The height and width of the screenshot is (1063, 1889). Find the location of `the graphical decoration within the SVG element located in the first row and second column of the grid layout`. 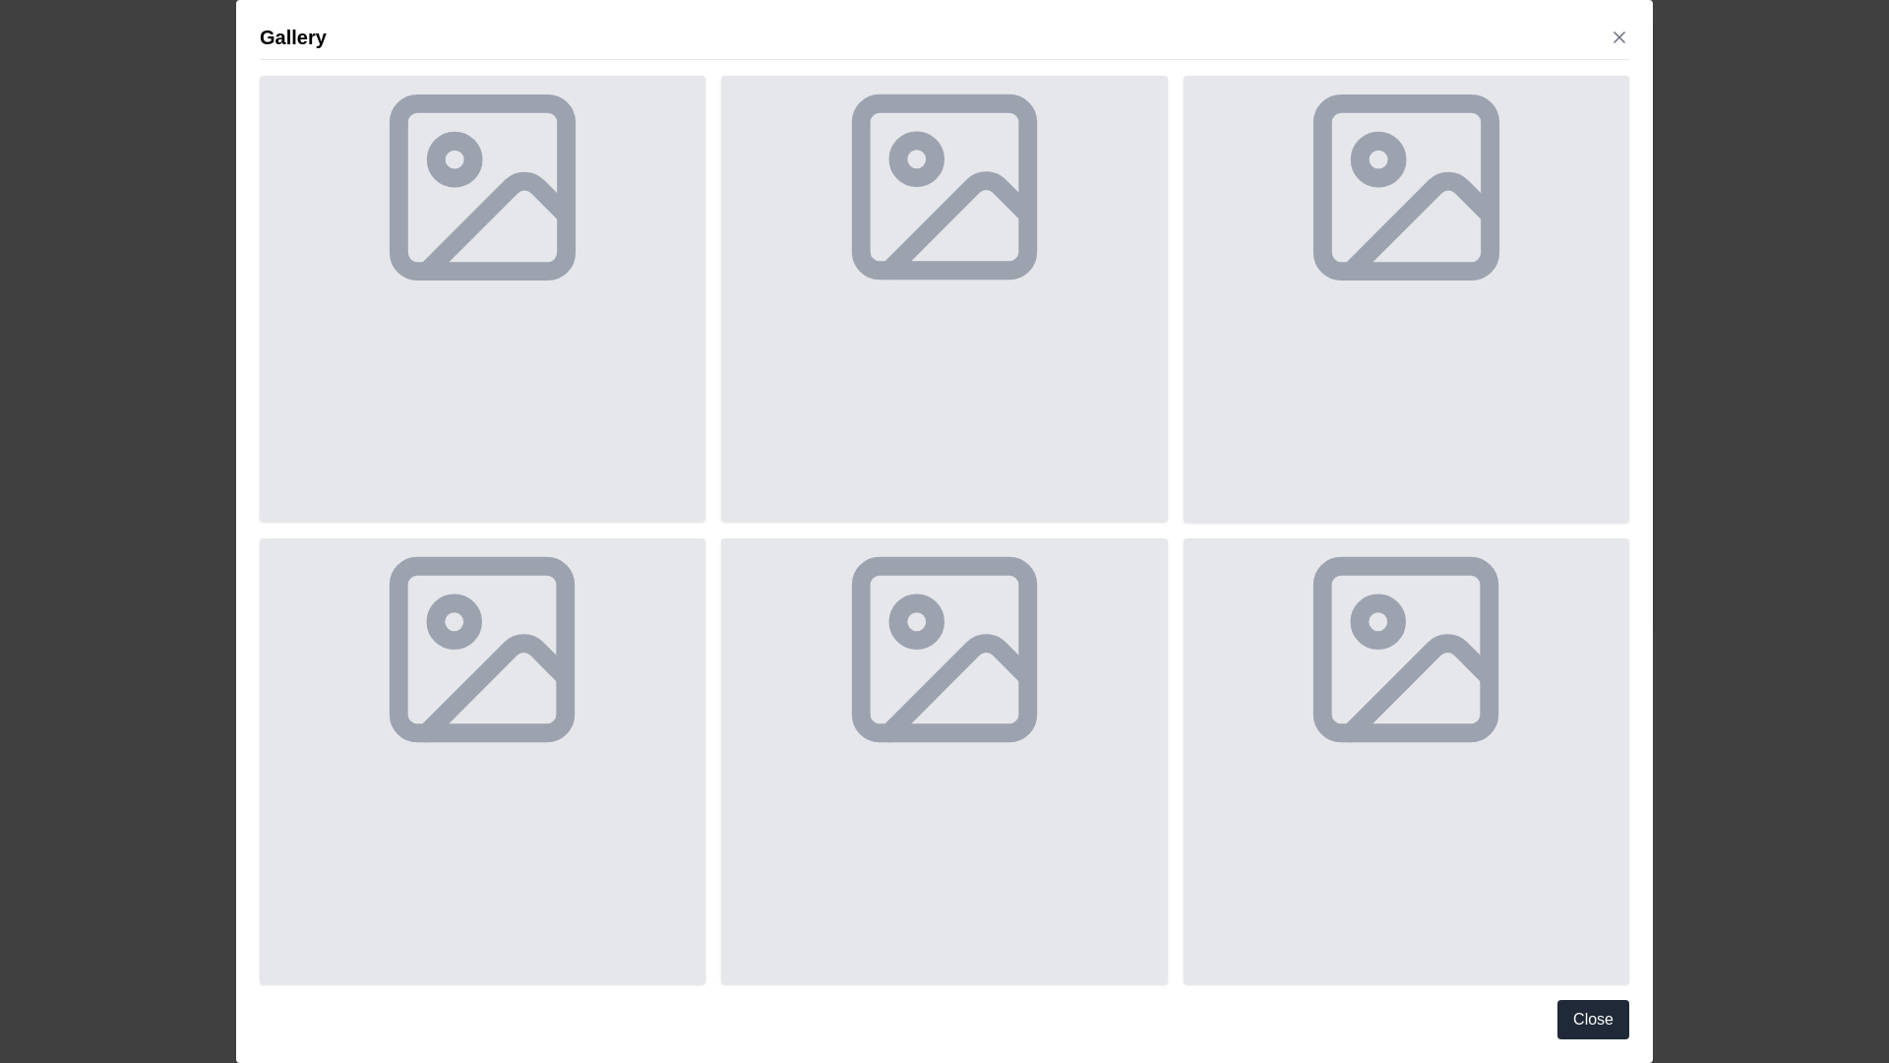

the graphical decoration within the SVG element located in the first row and second column of the grid layout is located at coordinates (958, 224).